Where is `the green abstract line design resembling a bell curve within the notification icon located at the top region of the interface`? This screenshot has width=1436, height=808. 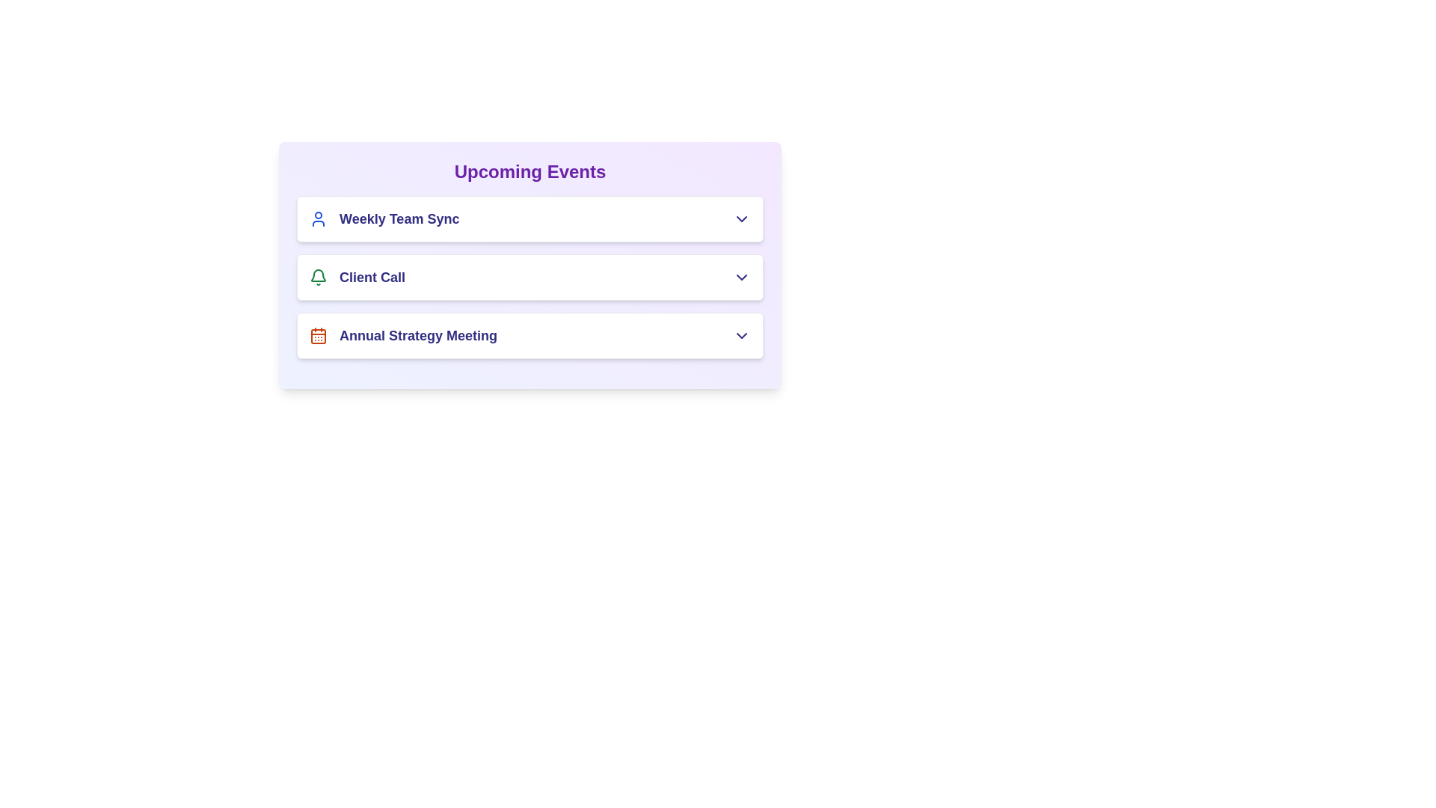
the green abstract line design resembling a bell curve within the notification icon located at the top region of the interface is located at coordinates (318, 275).